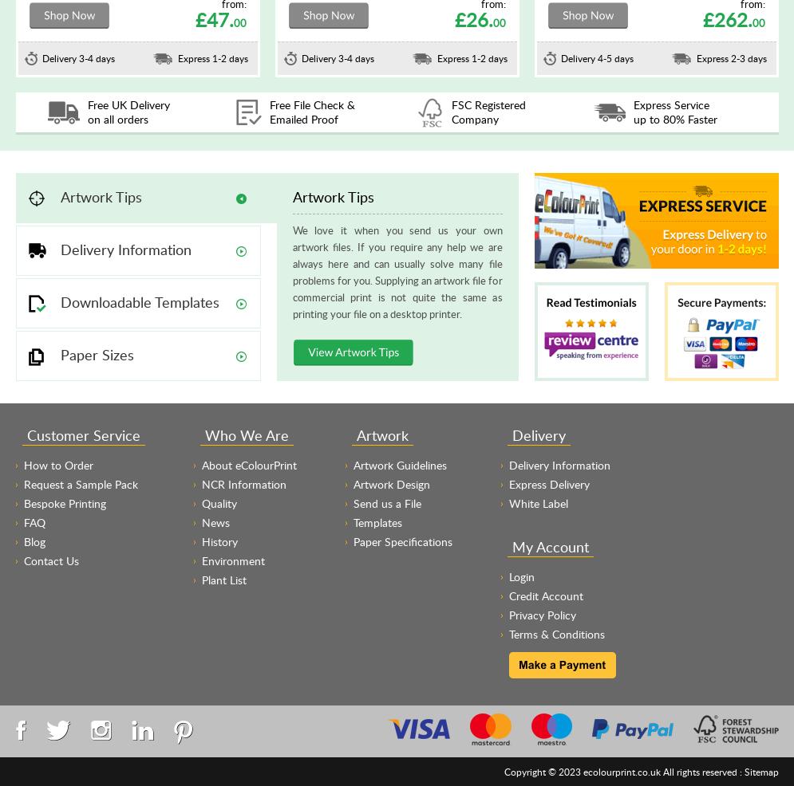 The image size is (794, 786). Describe the element at coordinates (218, 540) in the screenshot. I see `'History'` at that location.